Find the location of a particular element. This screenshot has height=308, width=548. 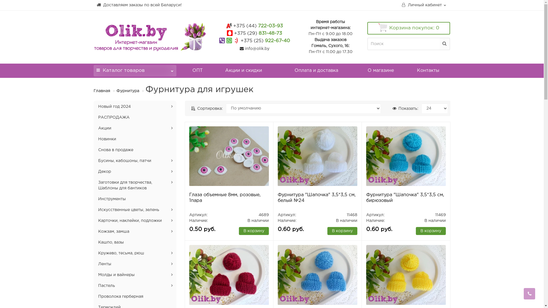

'+375 (25) 922-67-40' is located at coordinates (265, 40).